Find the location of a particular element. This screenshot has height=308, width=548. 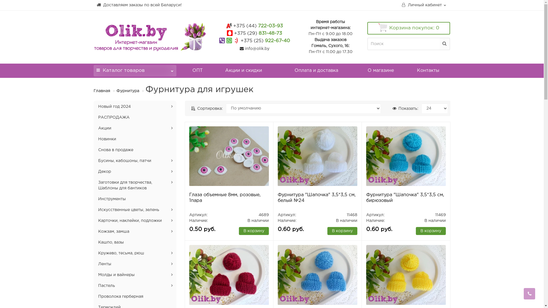

'+375 (25) 922-67-40' is located at coordinates (265, 40).